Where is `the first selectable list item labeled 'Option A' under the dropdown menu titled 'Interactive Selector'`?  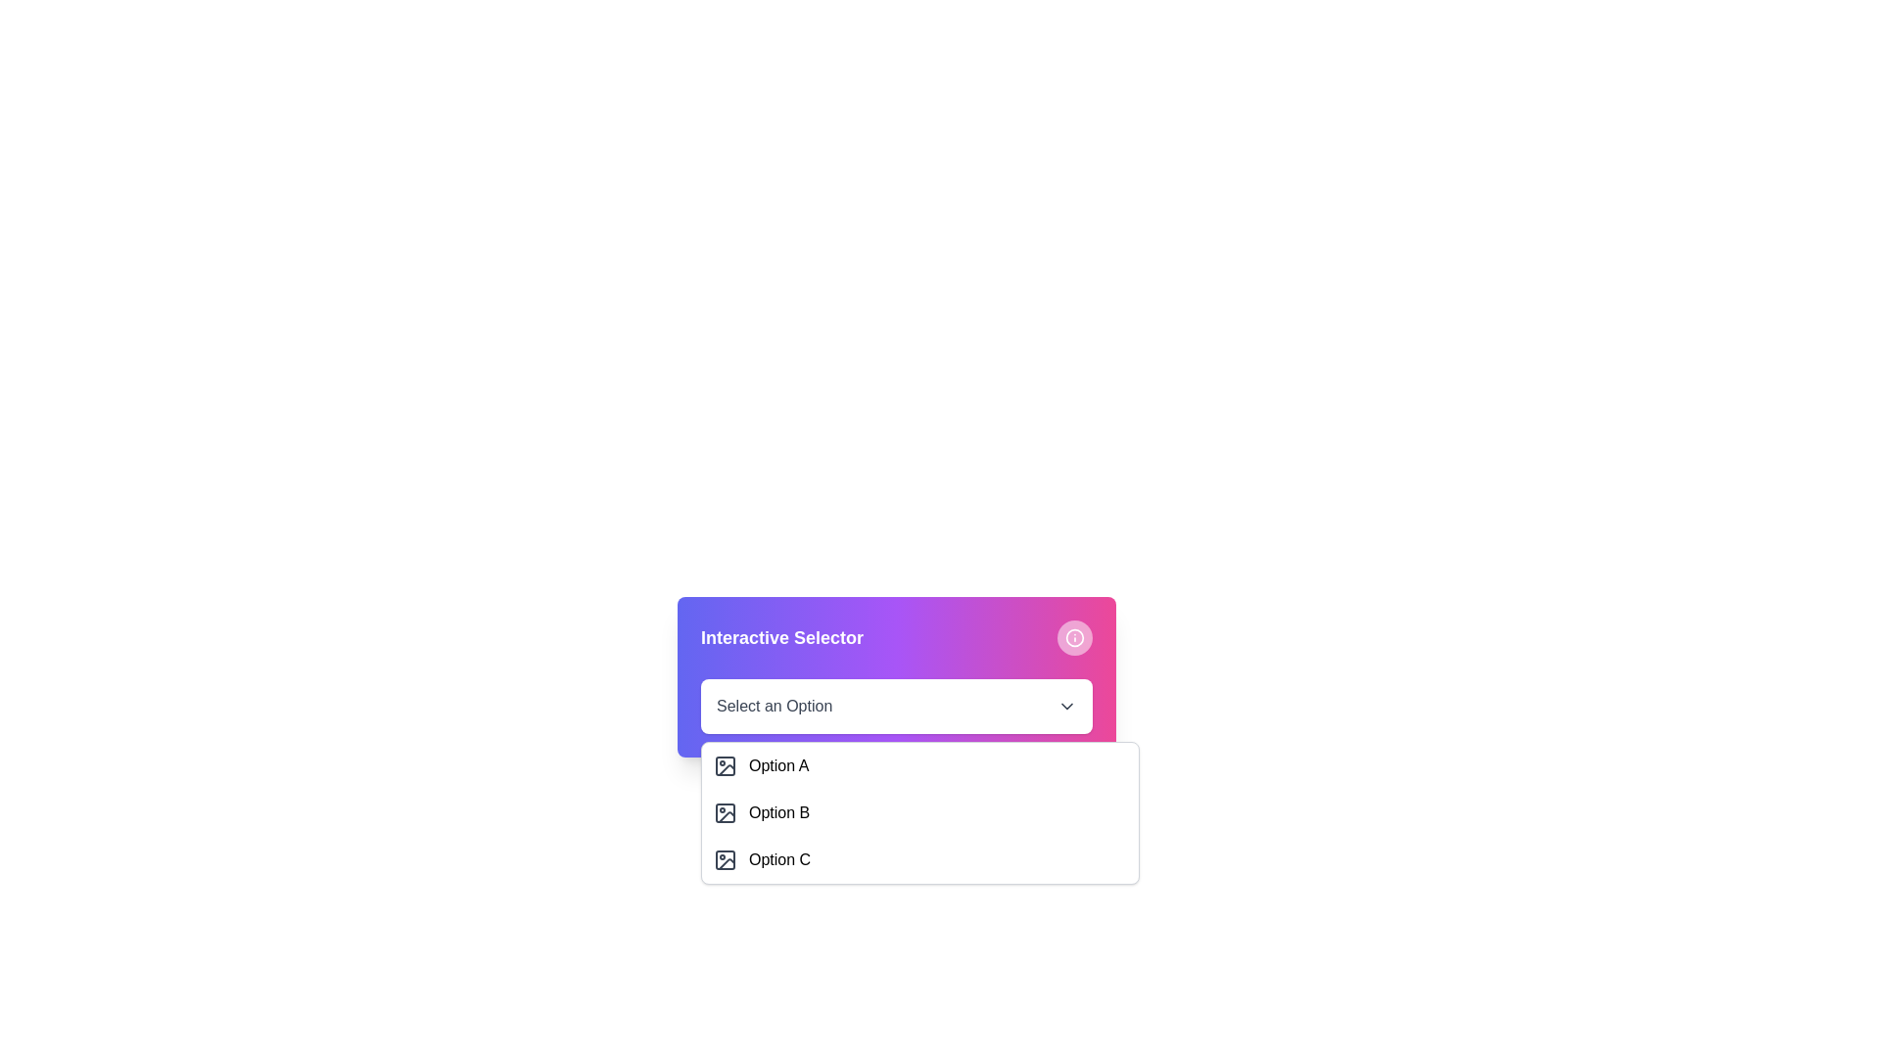 the first selectable list item labeled 'Option A' under the dropdown menu titled 'Interactive Selector' is located at coordinates (919, 765).